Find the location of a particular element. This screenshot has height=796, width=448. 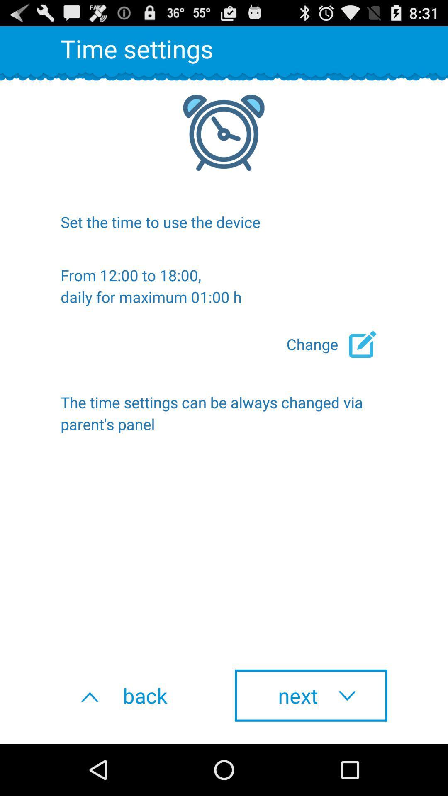

the button to the left of next button is located at coordinates (136, 695).